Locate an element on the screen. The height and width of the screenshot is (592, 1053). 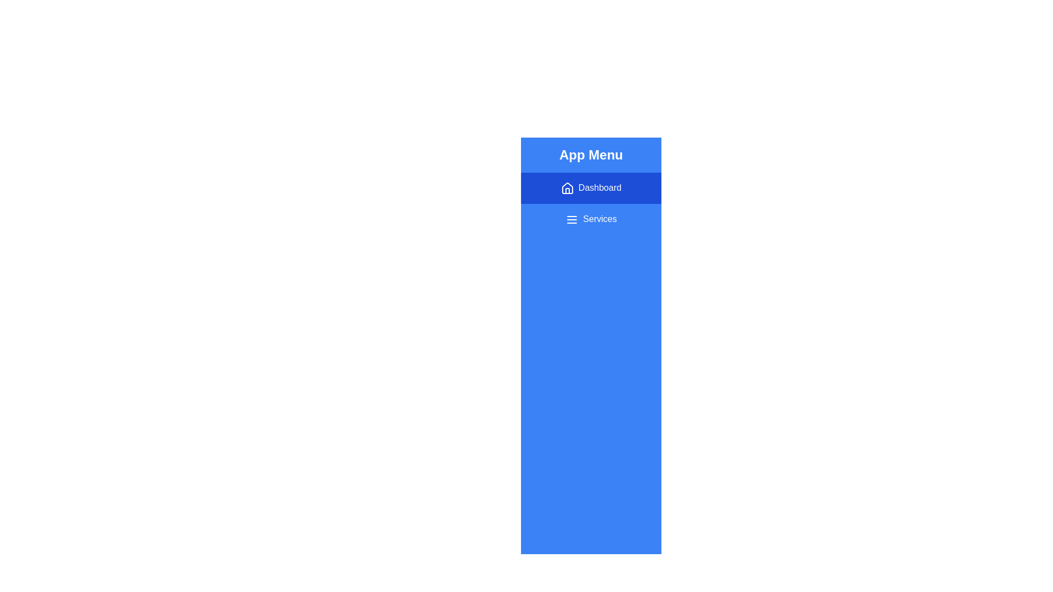
the visual indicator icon associated with the 'Services' menu option is located at coordinates (571, 219).